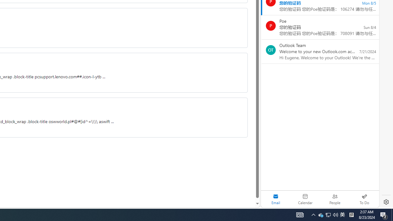 The height and width of the screenshot is (221, 393). I want to click on 'Selected mail module', so click(275, 199).